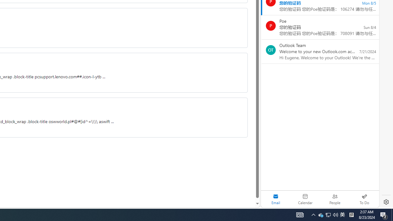 The height and width of the screenshot is (221, 393). I want to click on 'Selected mail module', so click(275, 199).